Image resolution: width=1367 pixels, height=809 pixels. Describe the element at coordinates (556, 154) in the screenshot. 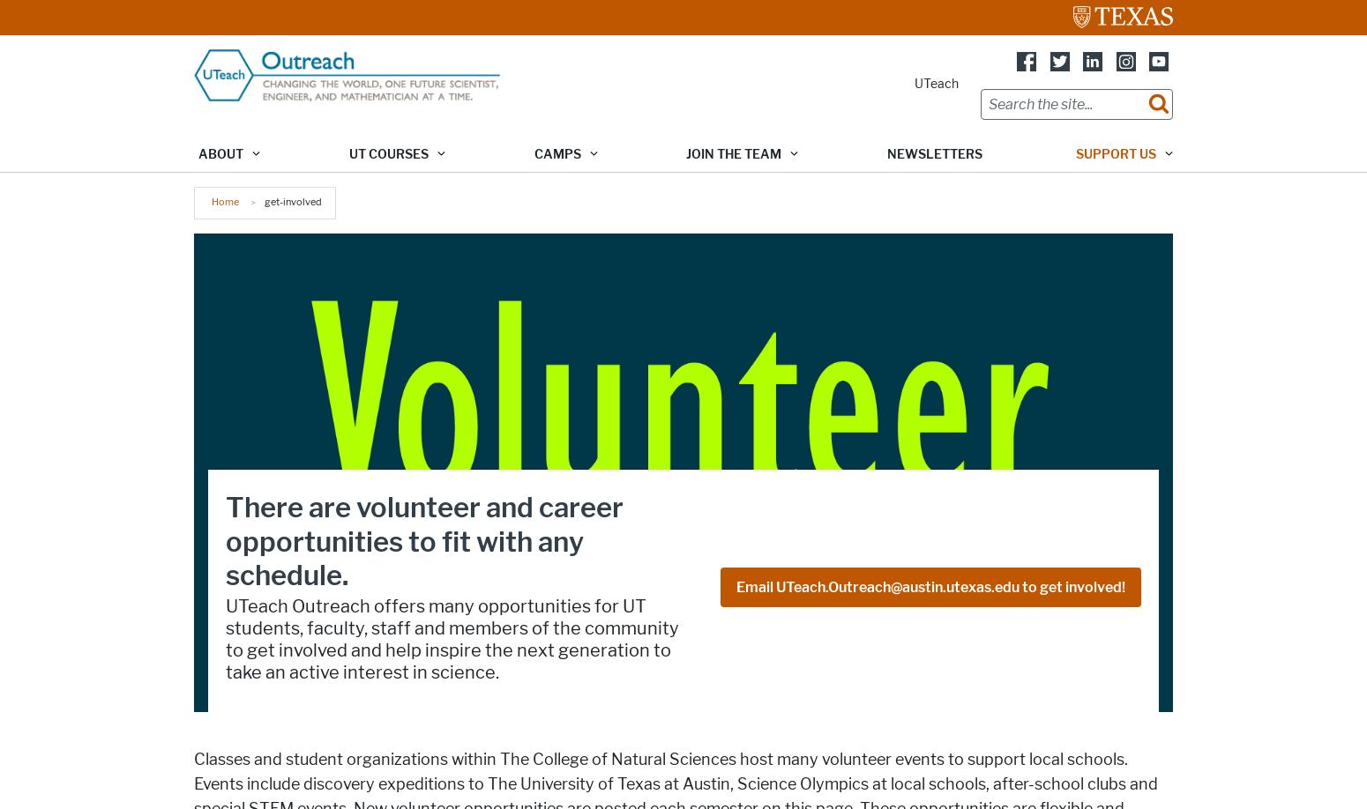

I see `'Camps'` at that location.